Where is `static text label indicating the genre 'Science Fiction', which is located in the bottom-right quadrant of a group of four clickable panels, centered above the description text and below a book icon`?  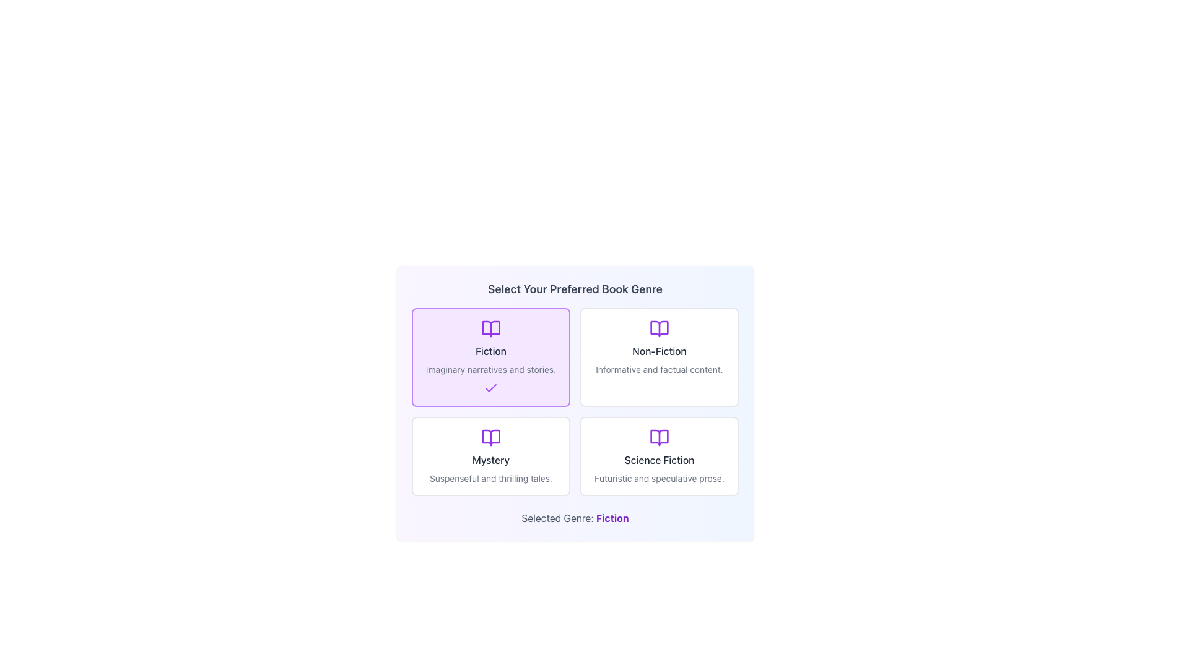
static text label indicating the genre 'Science Fiction', which is located in the bottom-right quadrant of a group of four clickable panels, centered above the description text and below a book icon is located at coordinates (659, 460).